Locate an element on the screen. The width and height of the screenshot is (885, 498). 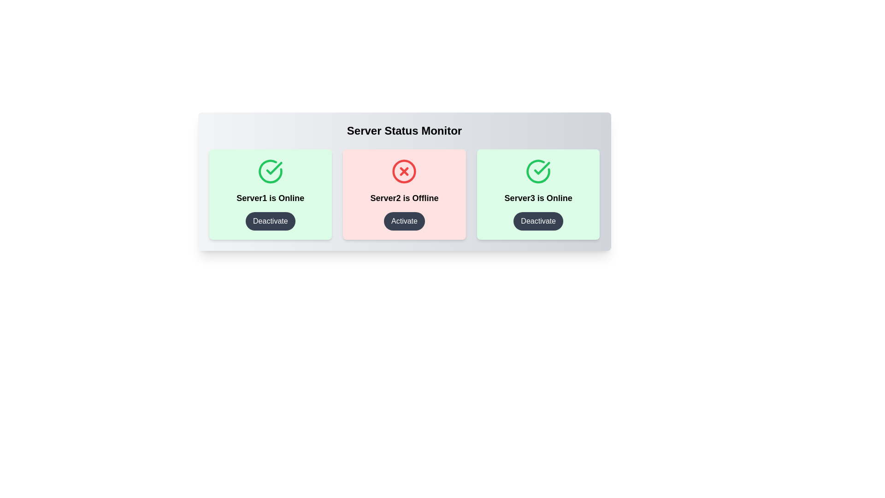
the title text 'Server Status Monitor' for copying is located at coordinates (404, 131).